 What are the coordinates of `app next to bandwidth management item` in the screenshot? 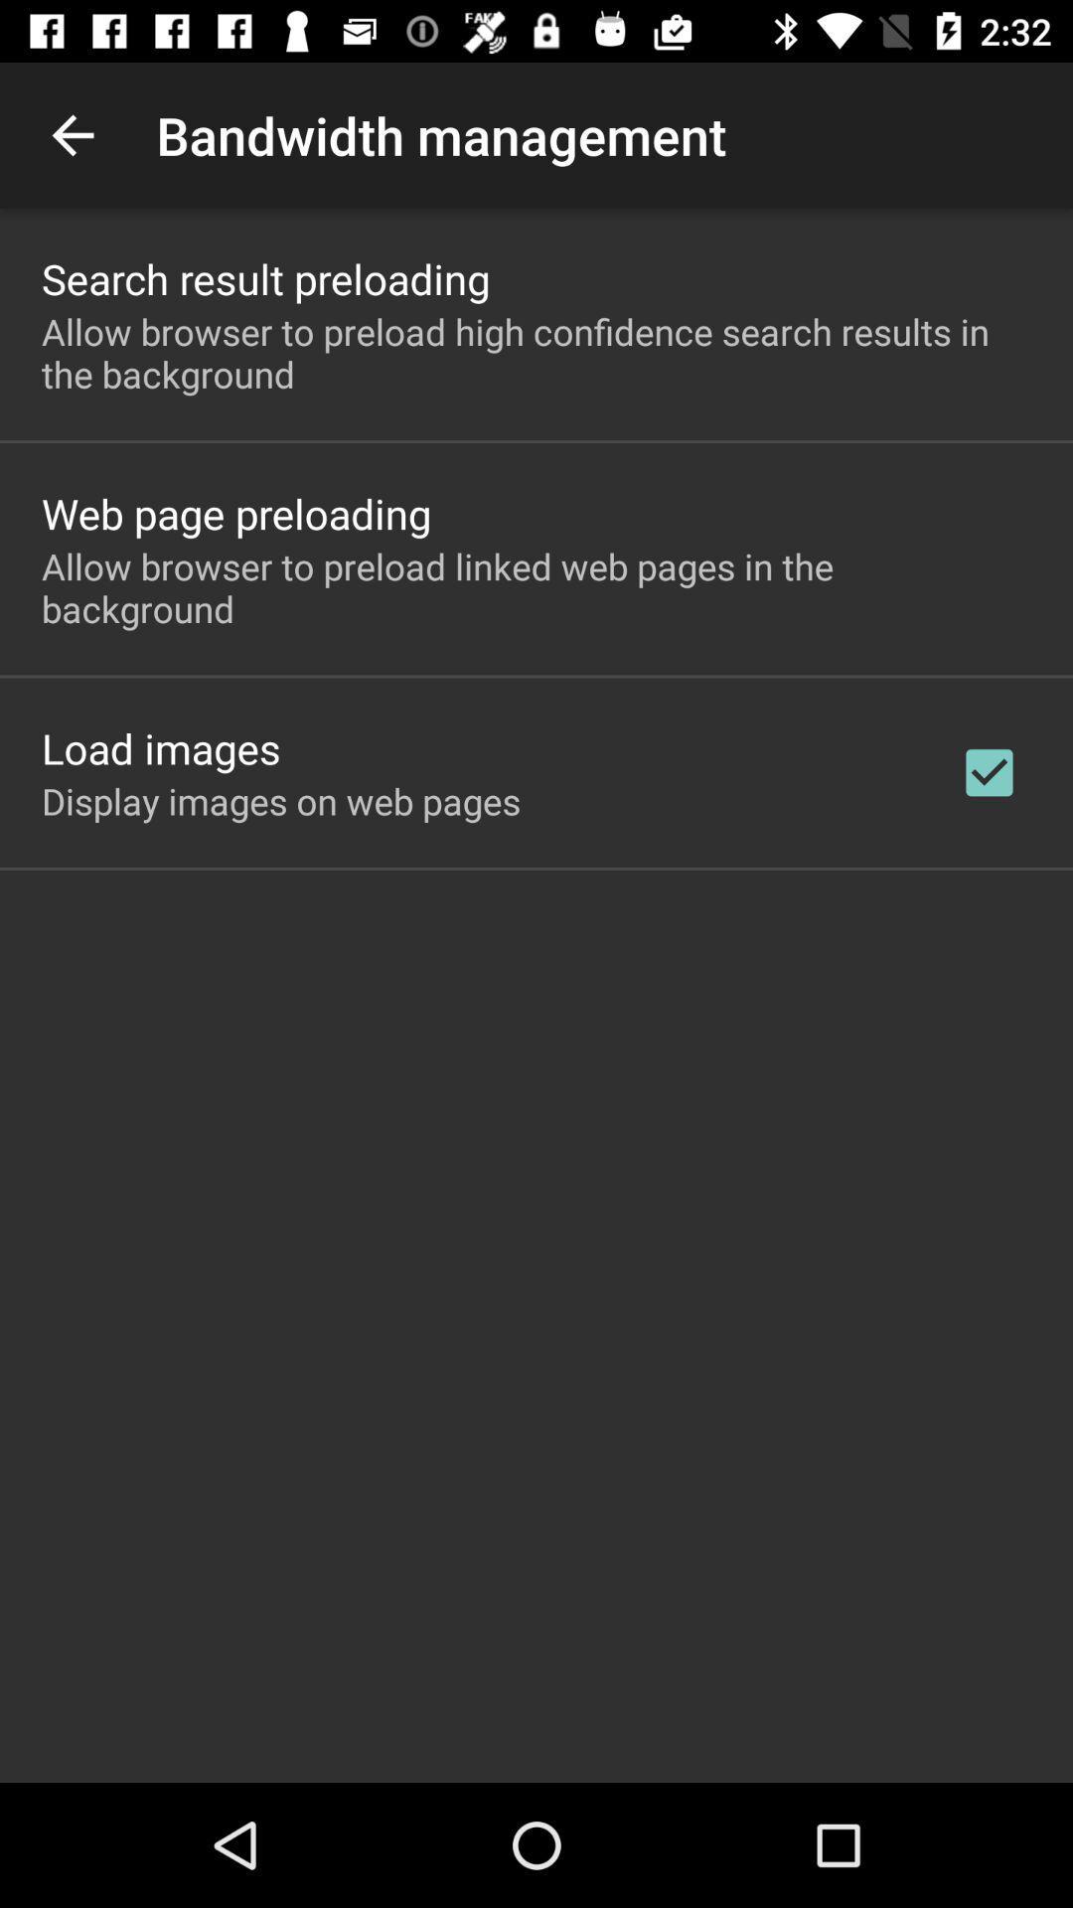 It's located at (72, 134).